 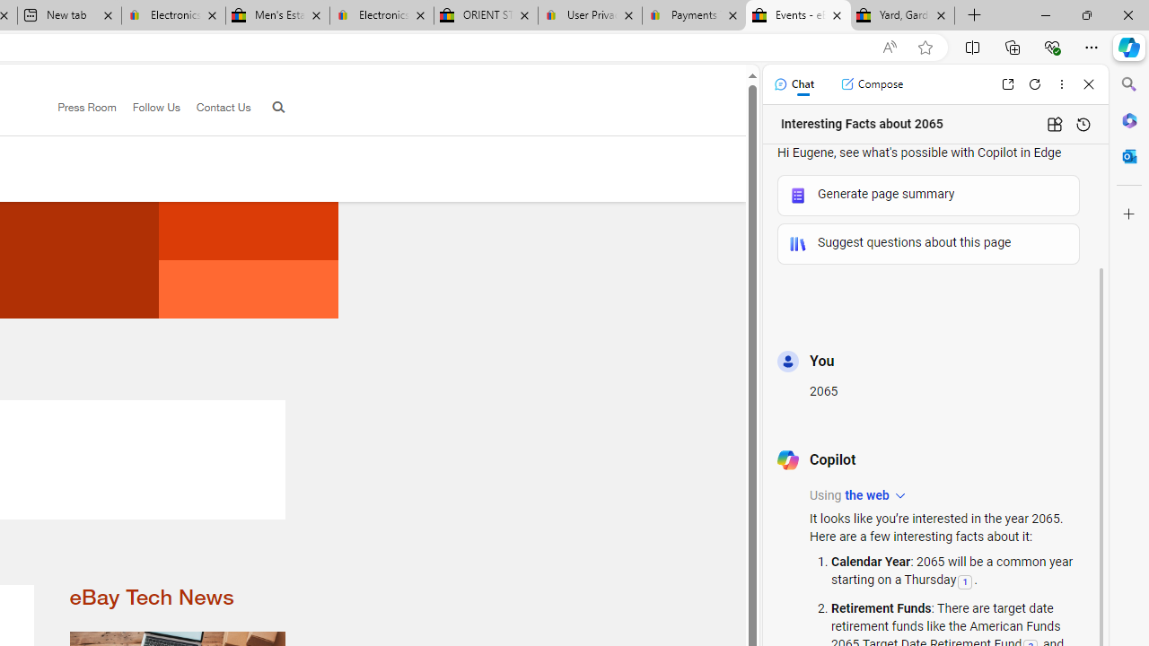 I want to click on 'Payments Terms of Use | eBay.com', so click(x=693, y=15).